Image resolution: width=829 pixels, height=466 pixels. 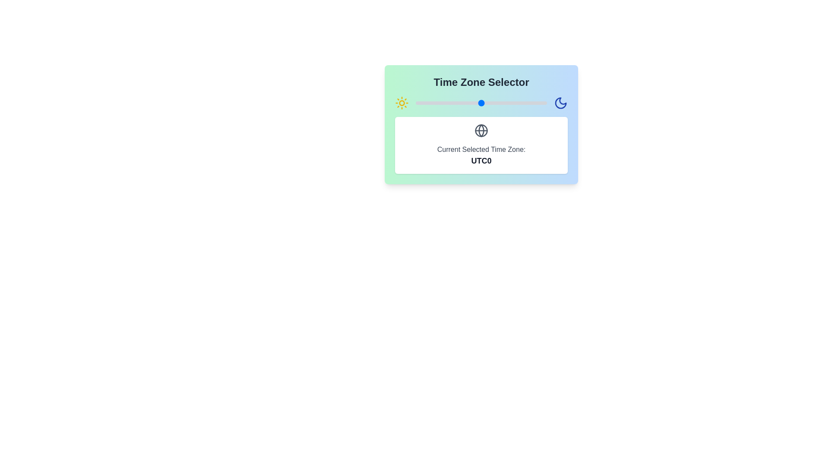 What do you see at coordinates (519, 103) in the screenshot?
I see `the time zone offset` at bounding box center [519, 103].